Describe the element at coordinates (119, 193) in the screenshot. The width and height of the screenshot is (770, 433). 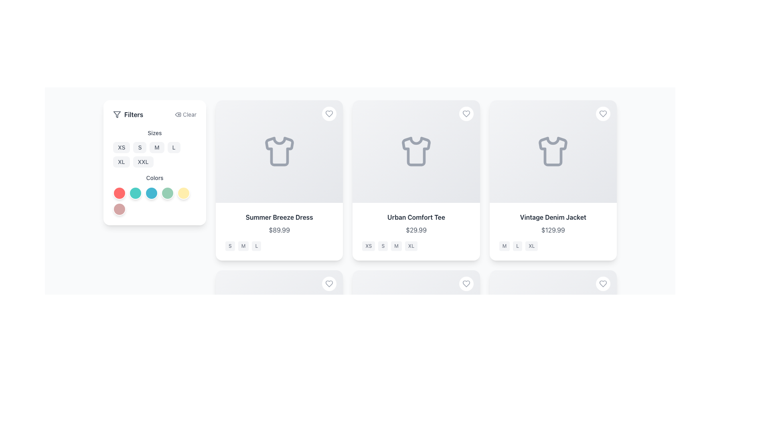
I see `the first circular button in the 'Colors' section of the filter panel to possibly see a tooltip or visual effect` at that location.